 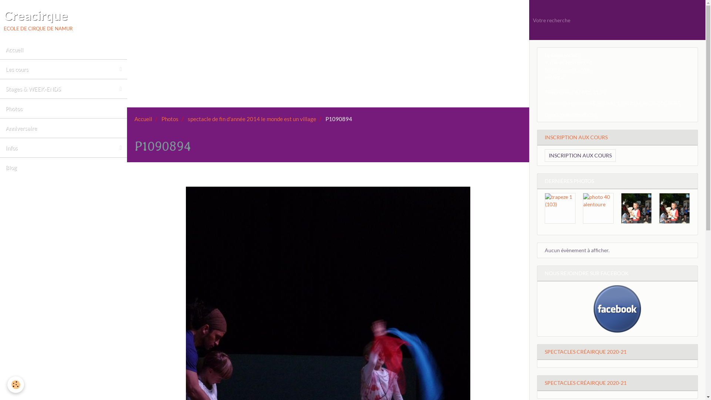 I want to click on 'INSCRIPTION AUX COURS', so click(x=580, y=155).